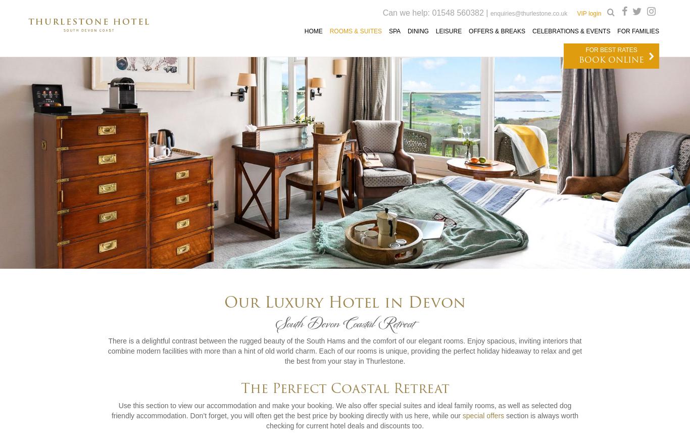 Image resolution: width=690 pixels, height=441 pixels. Describe the element at coordinates (448, 30) in the screenshot. I see `'Leisure'` at that location.